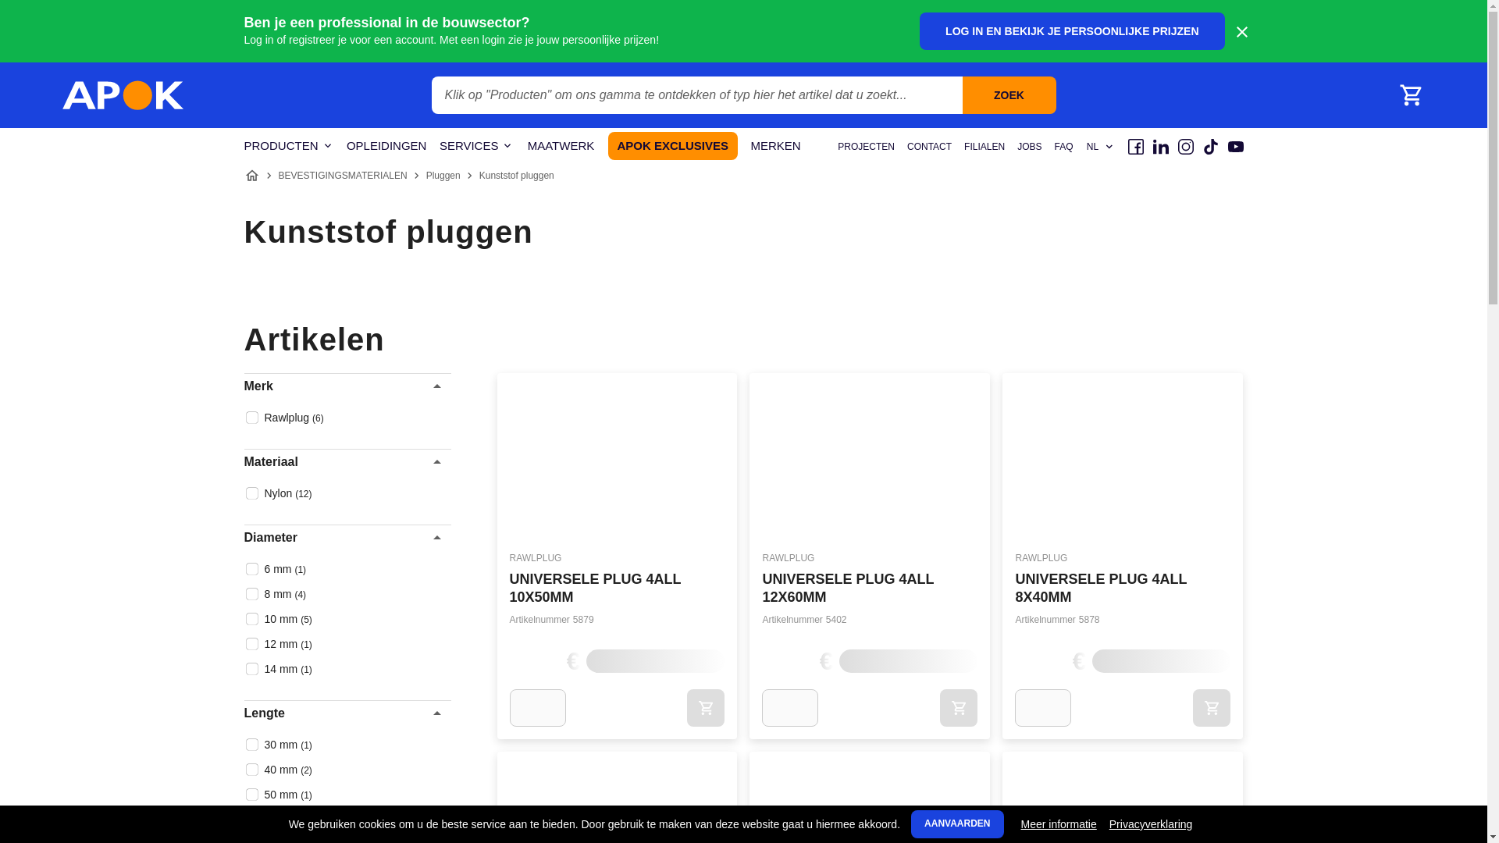 The image size is (1499, 843). What do you see at coordinates (1017, 147) in the screenshot?
I see `'JOBS'` at bounding box center [1017, 147].